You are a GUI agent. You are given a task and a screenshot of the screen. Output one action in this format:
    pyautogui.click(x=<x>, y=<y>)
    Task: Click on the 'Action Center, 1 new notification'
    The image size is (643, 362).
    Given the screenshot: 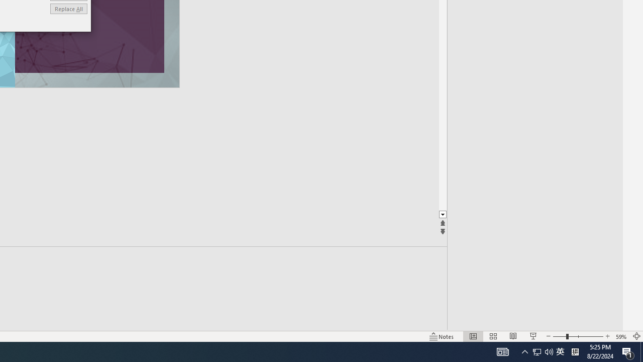 What is the action you would take?
    pyautogui.click(x=628, y=351)
    